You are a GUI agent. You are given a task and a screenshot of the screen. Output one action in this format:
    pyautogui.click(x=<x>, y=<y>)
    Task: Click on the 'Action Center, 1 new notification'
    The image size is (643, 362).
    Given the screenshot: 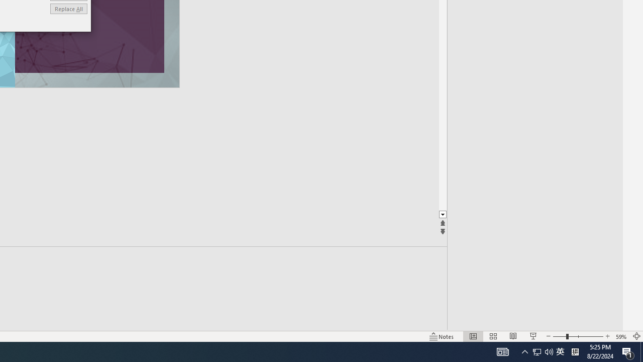 What is the action you would take?
    pyautogui.click(x=628, y=351)
    